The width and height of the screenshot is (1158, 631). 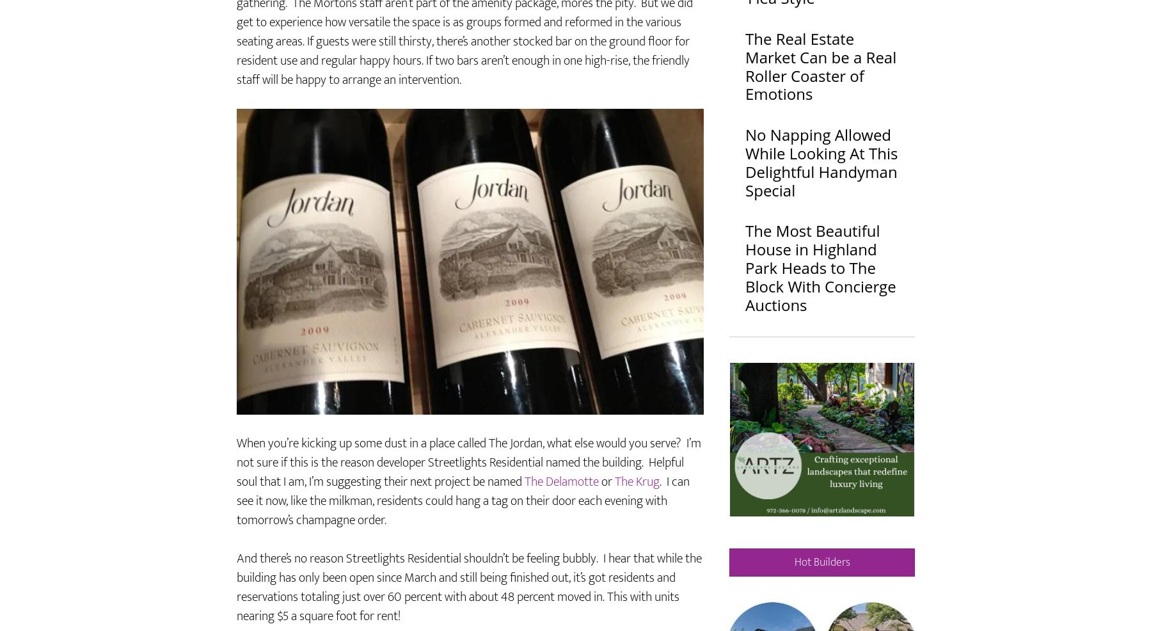 I want to click on 'Hot Builders', so click(x=821, y=599).